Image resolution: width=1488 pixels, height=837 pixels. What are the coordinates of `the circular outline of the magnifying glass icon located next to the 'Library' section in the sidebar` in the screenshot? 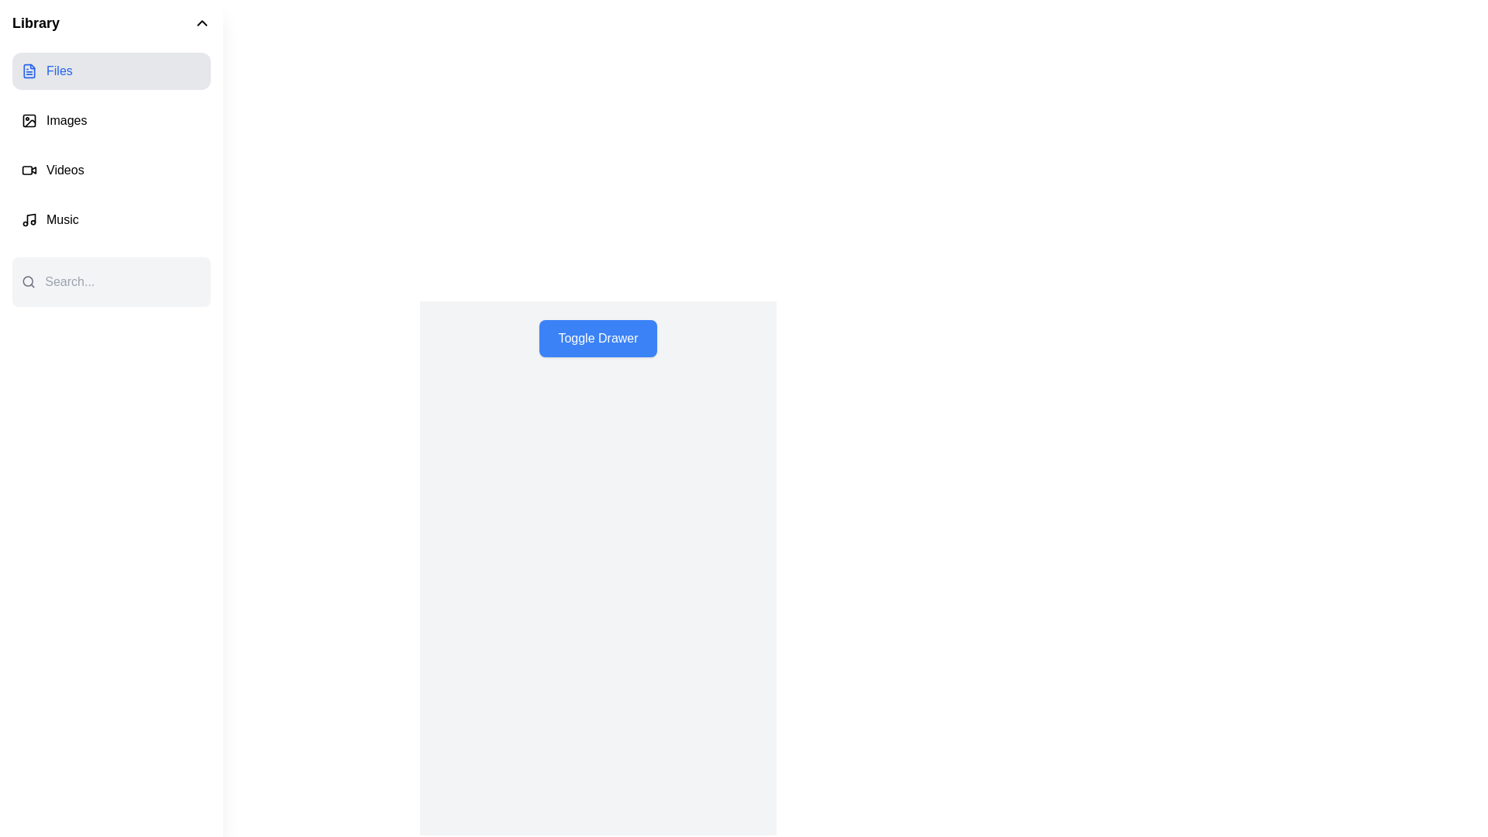 It's located at (28, 281).